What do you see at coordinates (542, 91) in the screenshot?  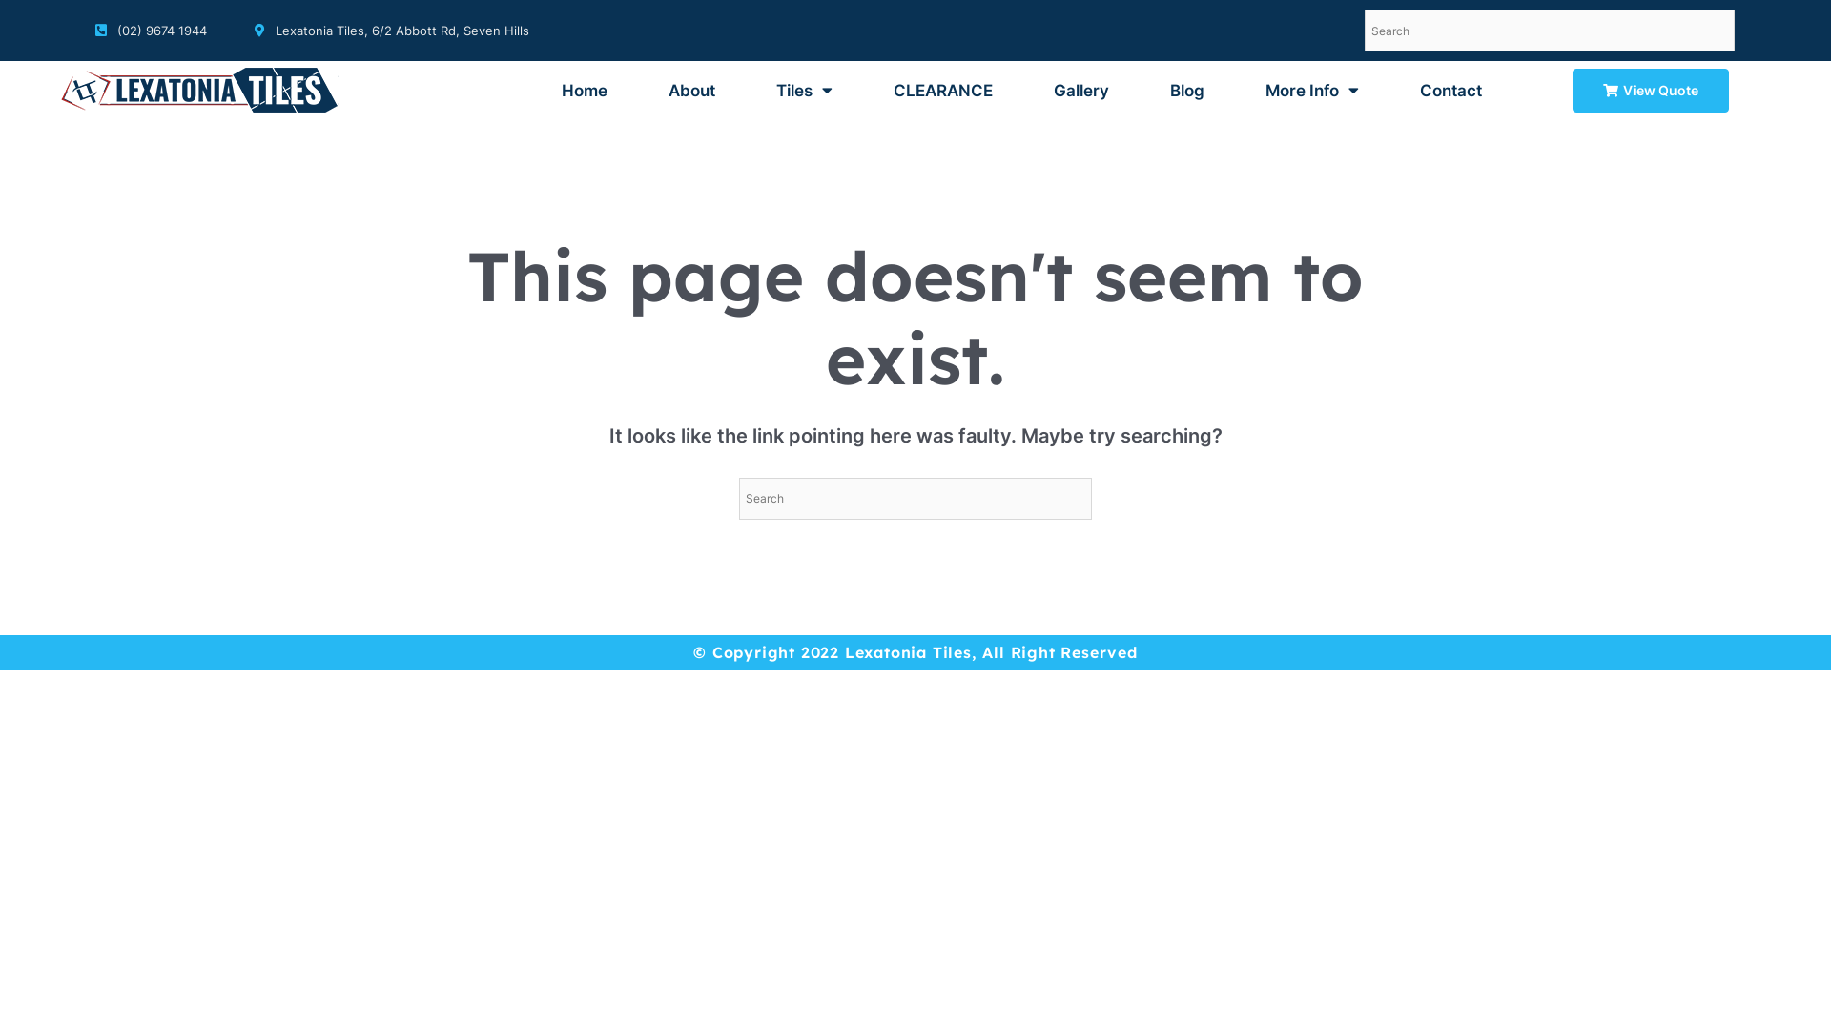 I see `'Home'` at bounding box center [542, 91].